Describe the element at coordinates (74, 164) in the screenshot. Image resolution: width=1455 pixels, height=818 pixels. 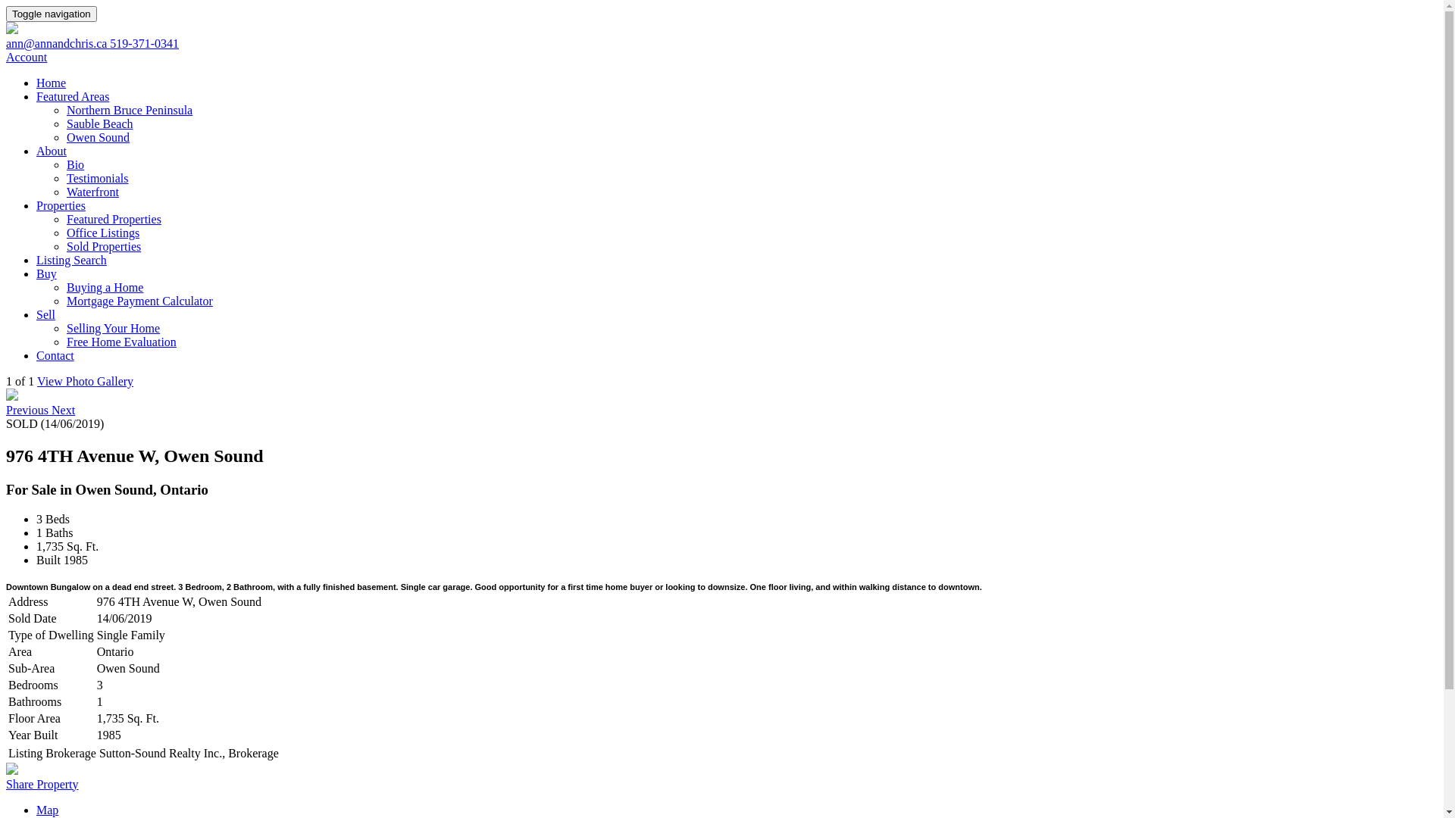
I see `'Bio'` at that location.